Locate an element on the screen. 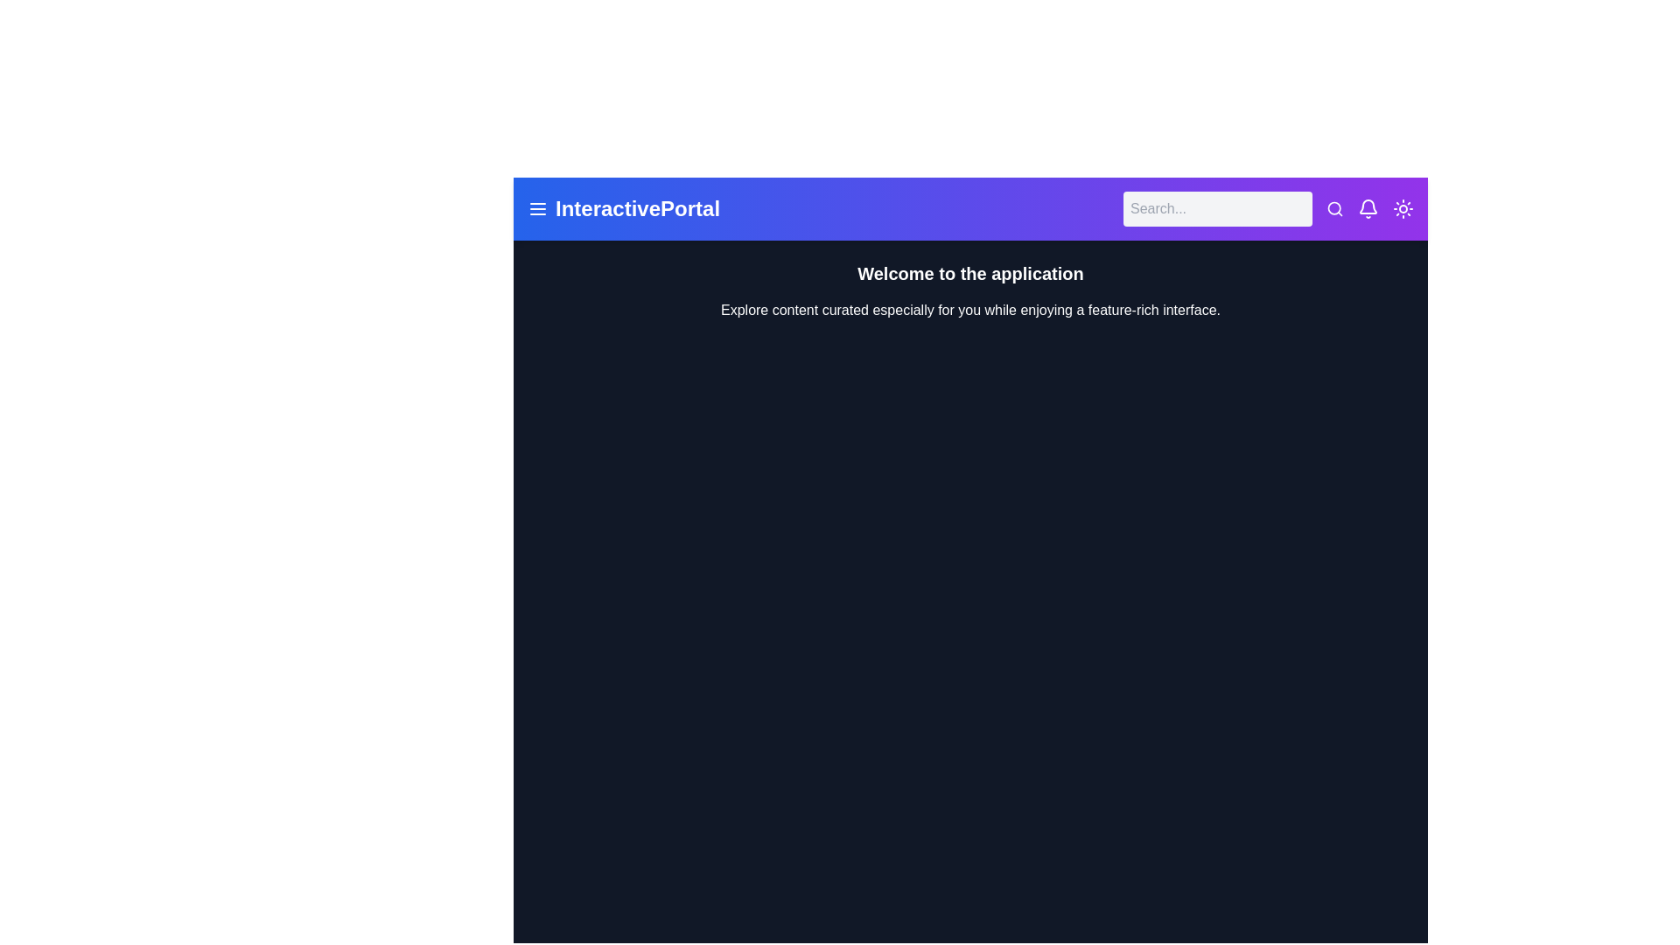 This screenshot has height=945, width=1680. the element with lucide-sun class is located at coordinates (1403, 208).